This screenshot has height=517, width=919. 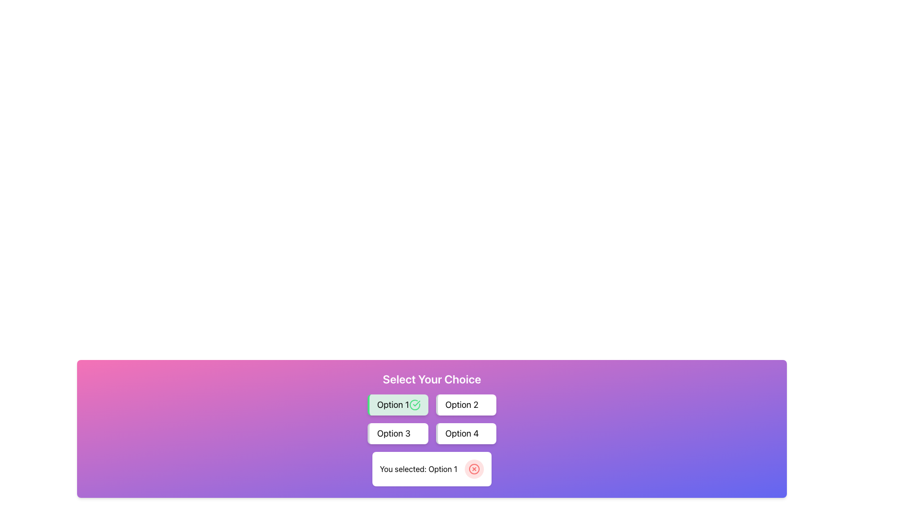 I want to click on the first selectable option in the grid layout, which is styled with green and has a checkmark, so click(x=398, y=405).